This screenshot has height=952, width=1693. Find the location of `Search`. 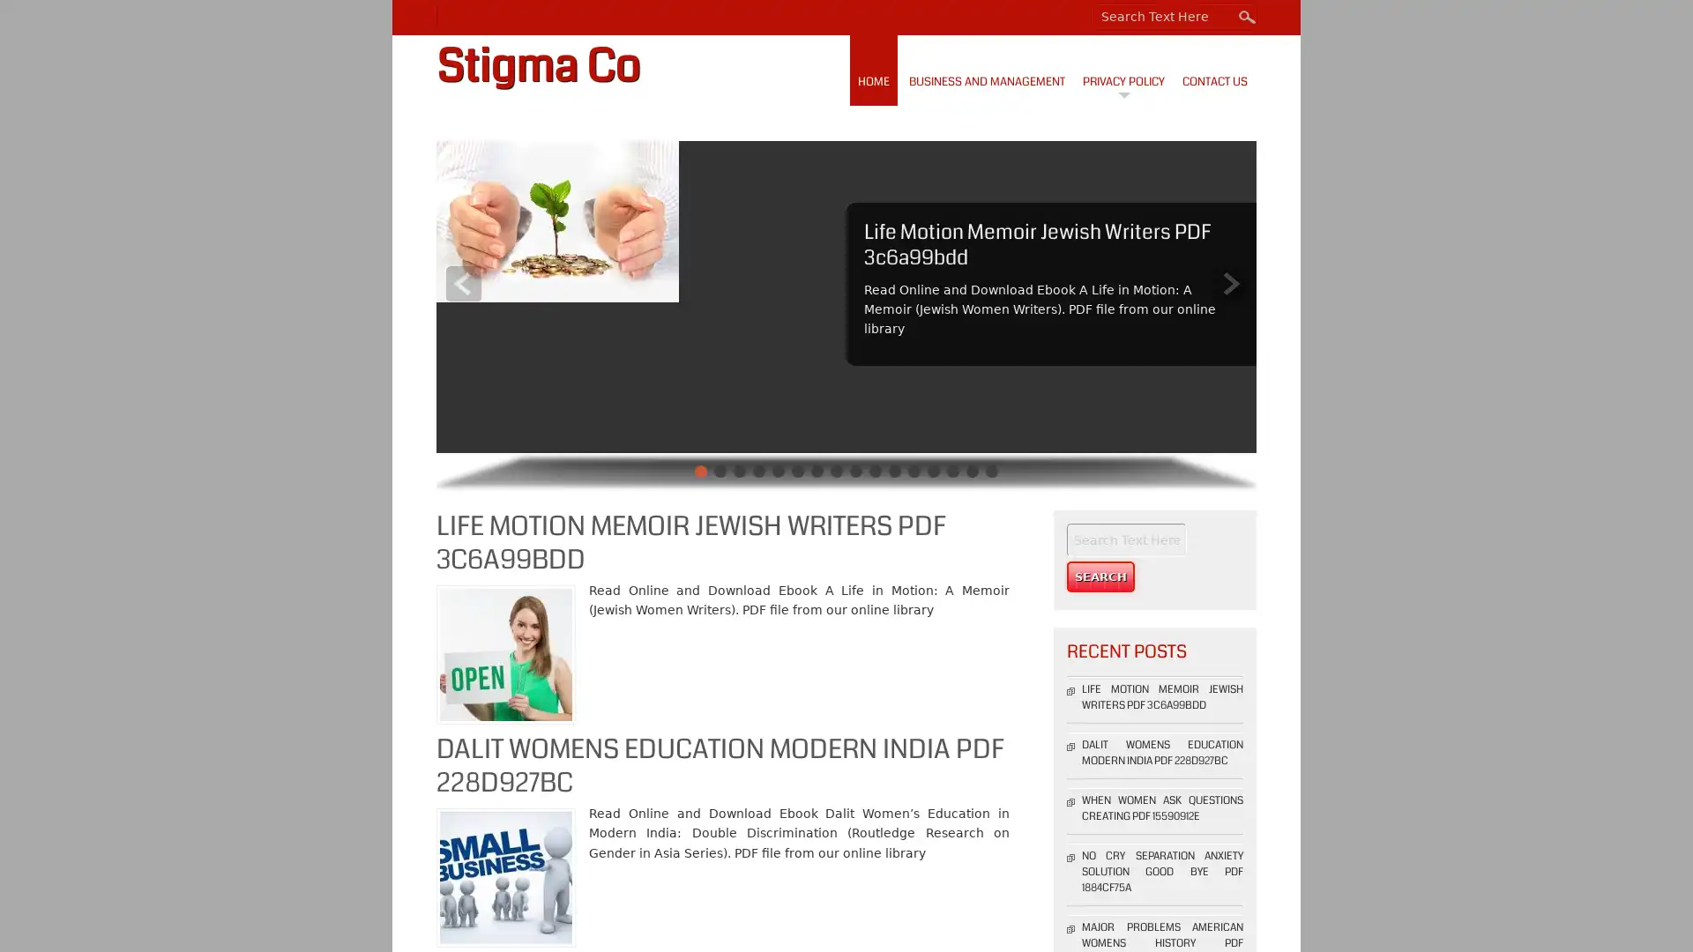

Search is located at coordinates (1100, 576).